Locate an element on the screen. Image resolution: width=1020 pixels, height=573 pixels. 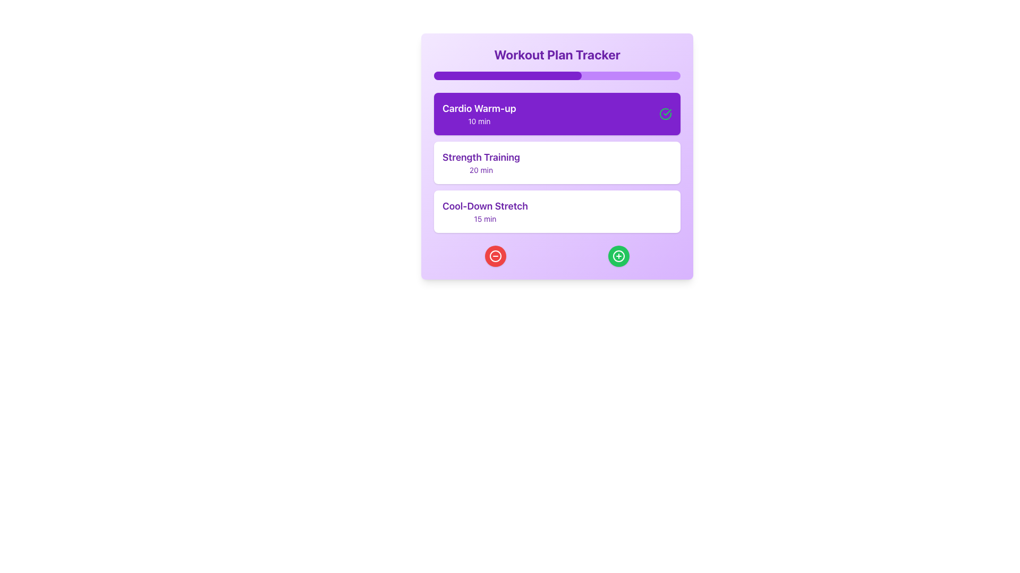
the status represented by the green checkmark icon located to the right of the 'Cardio Warm-up' button in the tracker interface is located at coordinates (667, 112).